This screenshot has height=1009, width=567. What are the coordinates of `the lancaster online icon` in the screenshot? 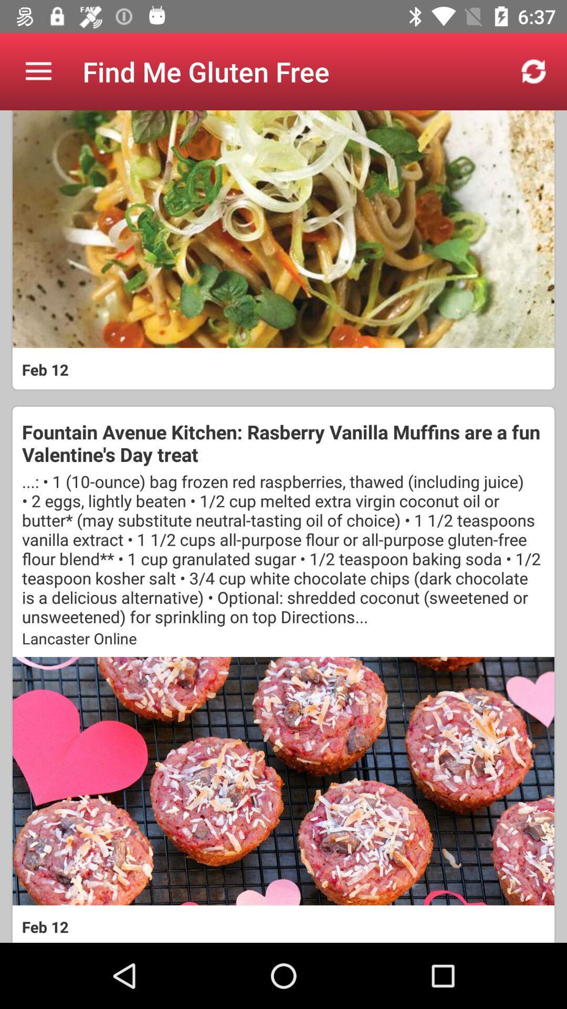 It's located at (283, 637).